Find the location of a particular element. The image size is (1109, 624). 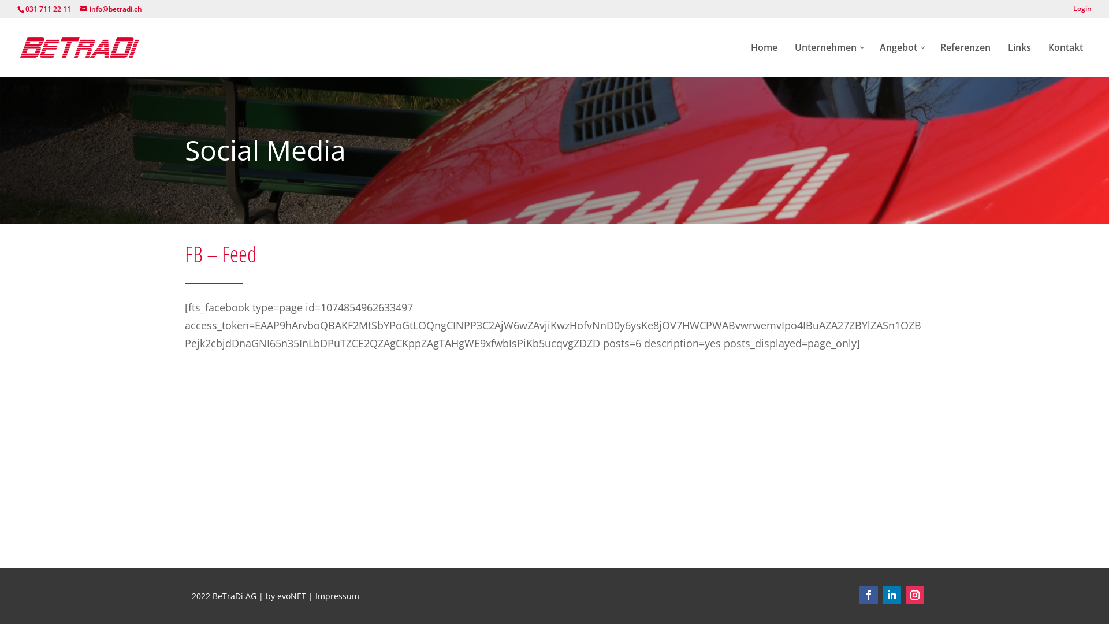

'Folge auf LinkedIn' is located at coordinates (891, 595).